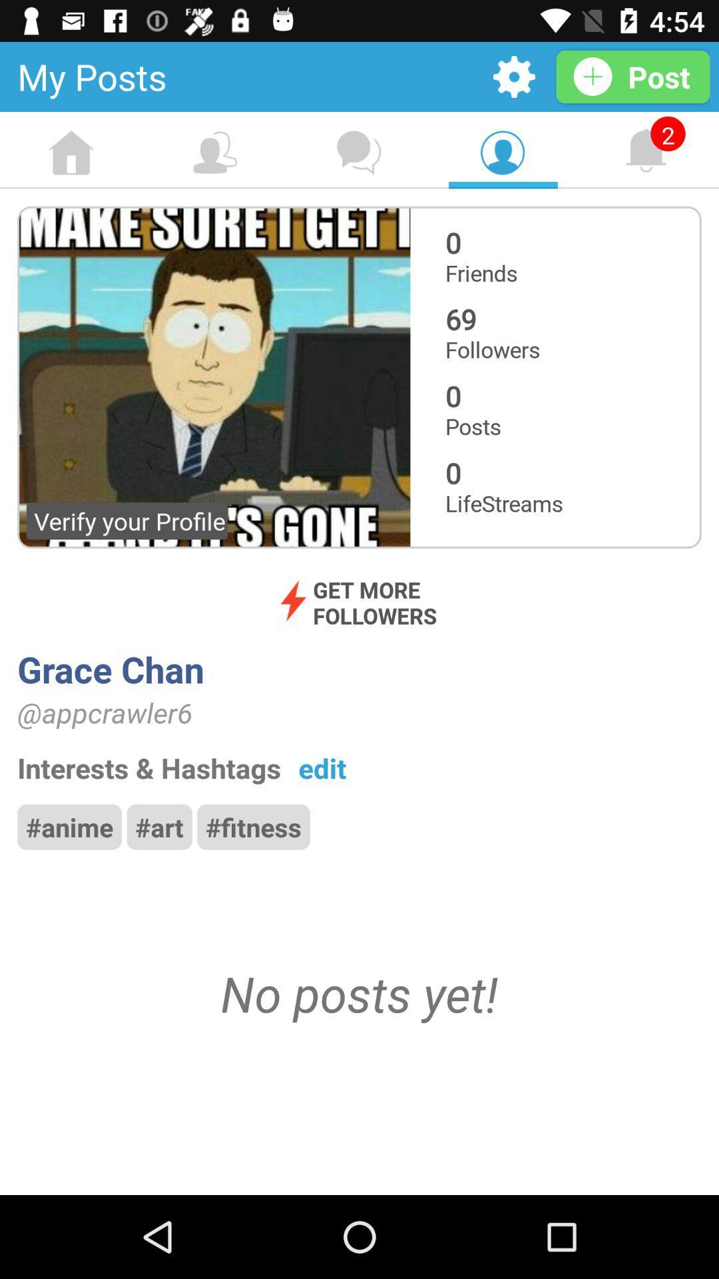 This screenshot has width=719, height=1279. I want to click on icon next to the #art, so click(69, 826).